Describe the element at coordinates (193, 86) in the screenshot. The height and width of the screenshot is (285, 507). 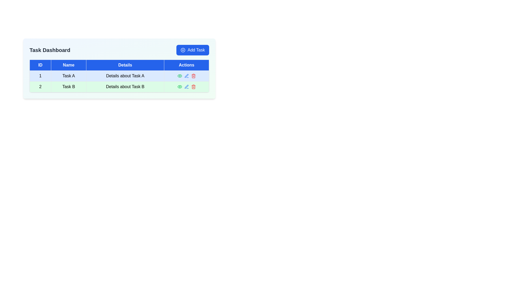
I see `the delete icon located in the second row's 'Actions' column, which is positioned to the right of the edit pencil icon and the eye icon` at that location.